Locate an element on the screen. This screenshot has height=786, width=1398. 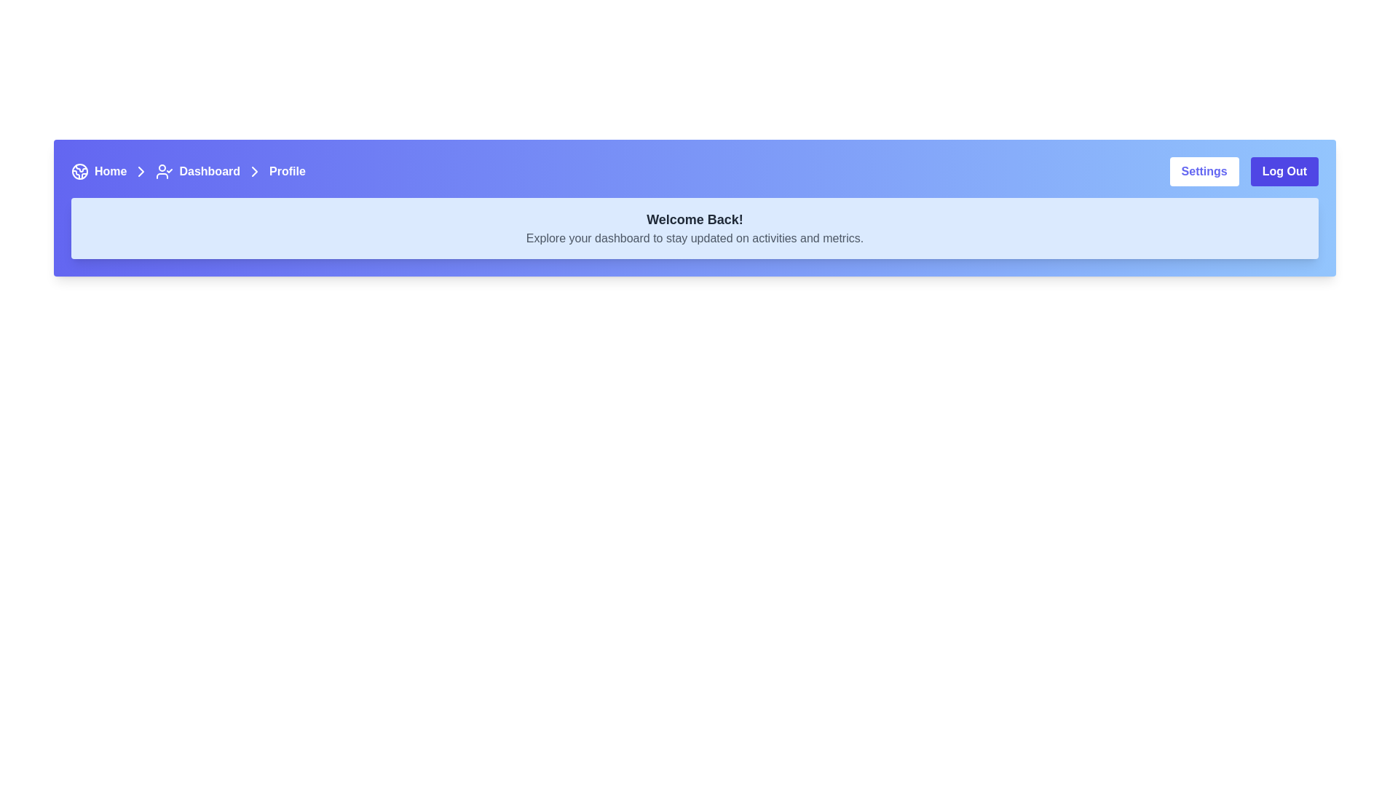
the 'Profile' hyperlink text in the breadcrumb navigation is located at coordinates (287, 170).